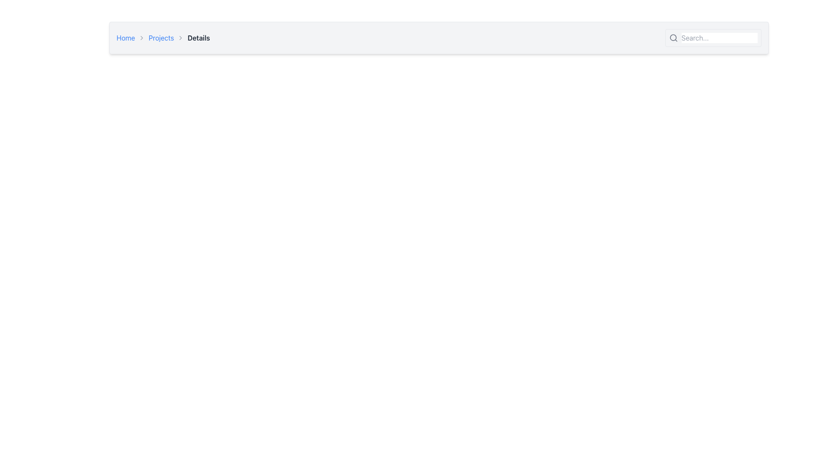 The height and width of the screenshot is (461, 820). What do you see at coordinates (161, 37) in the screenshot?
I see `the second text component in the breadcrumb sequence` at bounding box center [161, 37].